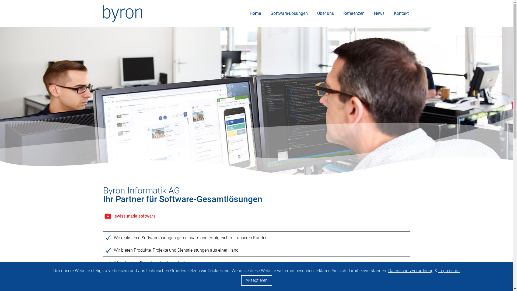 This screenshot has width=517, height=291. What do you see at coordinates (379, 13) in the screenshot?
I see `'News'` at bounding box center [379, 13].